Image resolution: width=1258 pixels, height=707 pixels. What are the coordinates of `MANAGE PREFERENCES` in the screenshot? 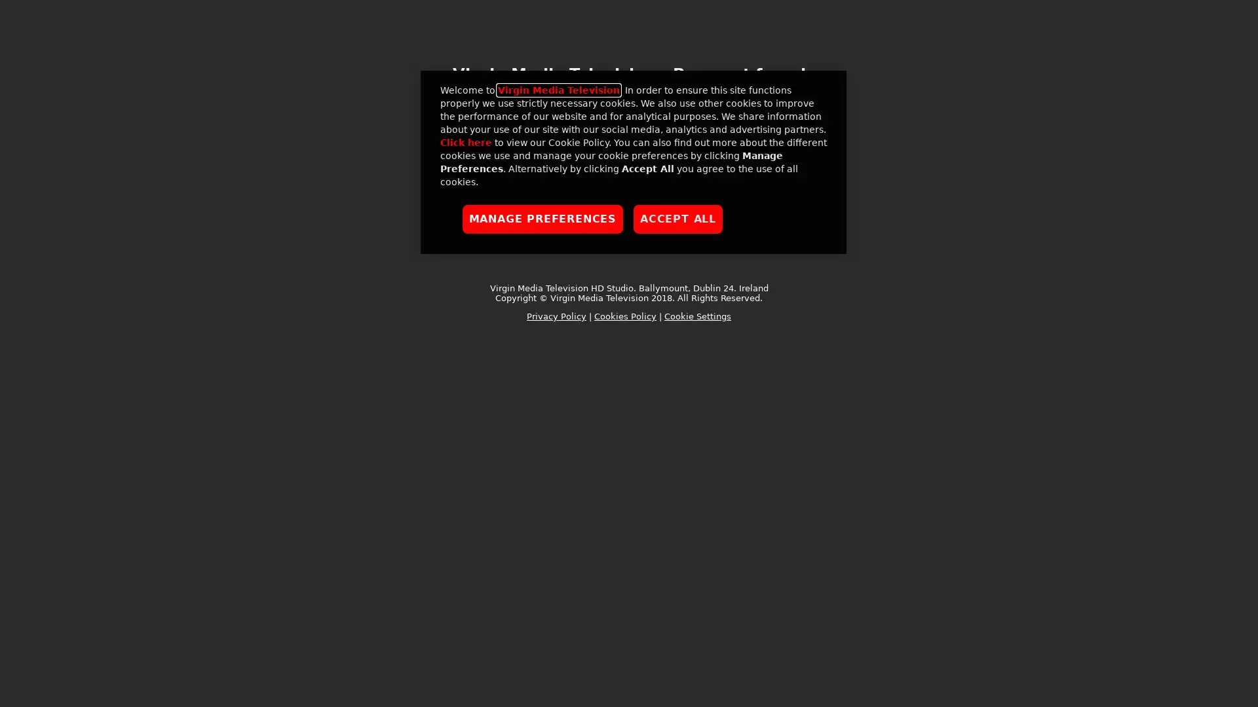 It's located at (543, 219).